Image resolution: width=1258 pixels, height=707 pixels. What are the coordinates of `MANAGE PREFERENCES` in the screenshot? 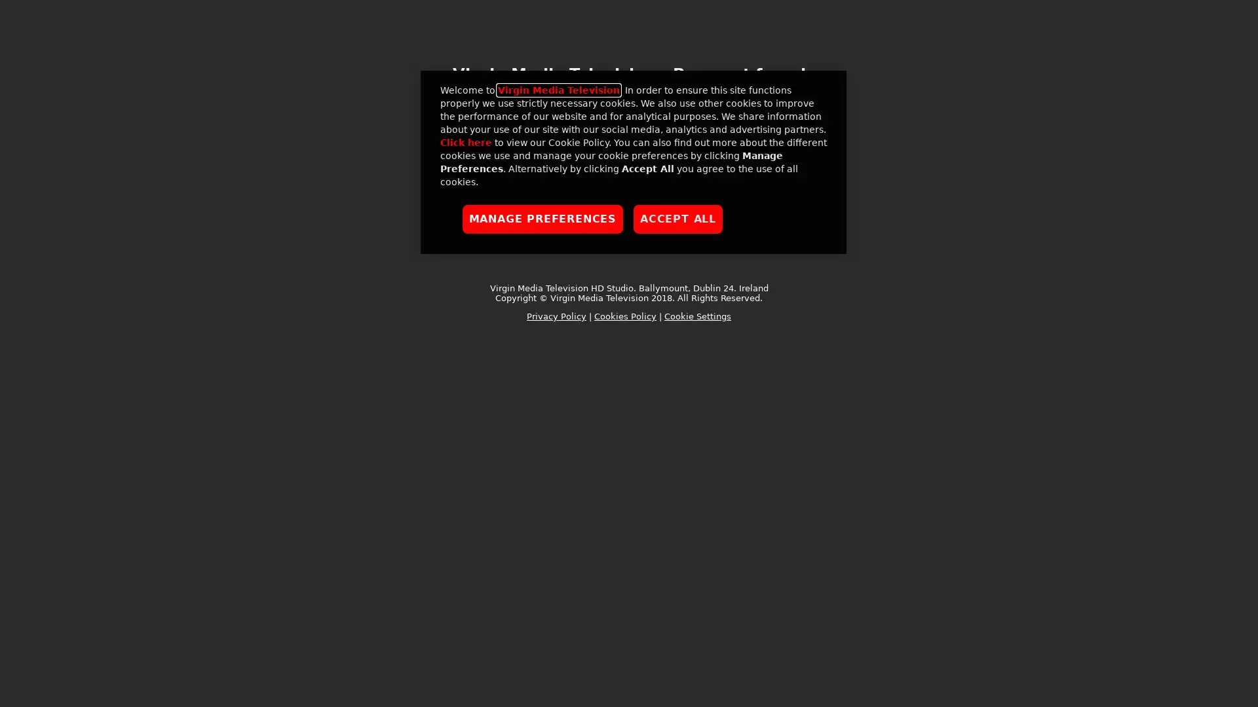 It's located at (543, 219).